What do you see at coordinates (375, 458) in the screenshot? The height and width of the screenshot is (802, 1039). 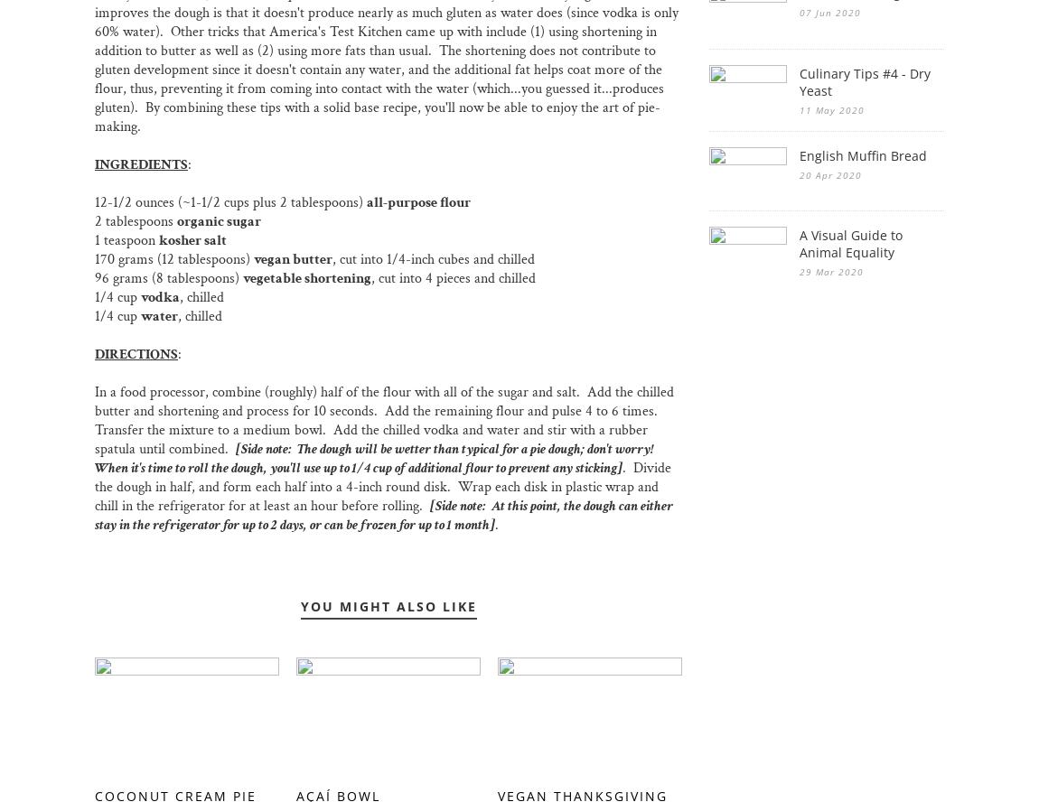 I see `'[Side note:  The dough will be wetter than typical for a pie dough; don't worry!  When it's time to roll the dough, you'll use up to 1/4 cup of additional flour to prevent any sticking]'` at bounding box center [375, 458].